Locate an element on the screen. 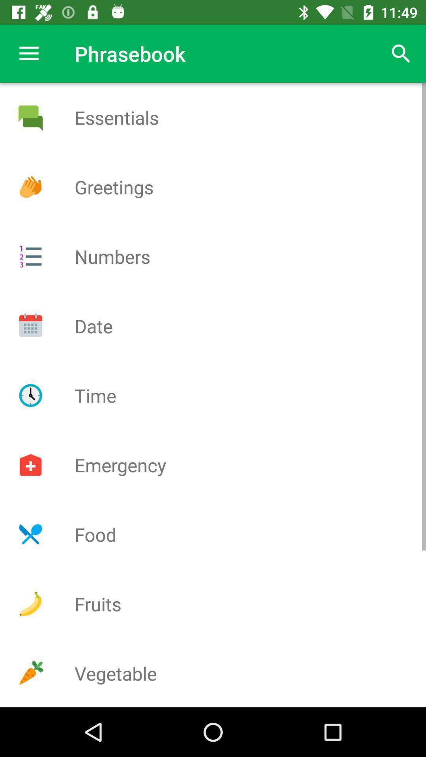 This screenshot has height=757, width=426. menu page is located at coordinates (30, 256).